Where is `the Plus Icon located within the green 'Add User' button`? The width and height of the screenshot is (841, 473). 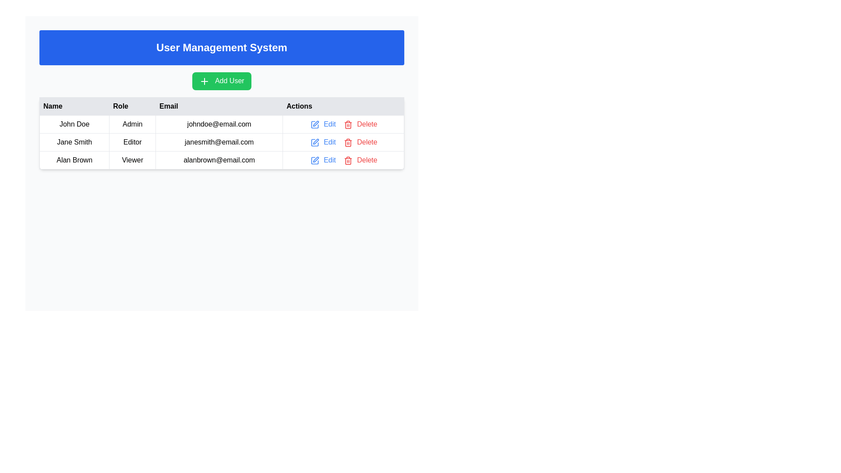
the Plus Icon located within the green 'Add User' button is located at coordinates (204, 81).